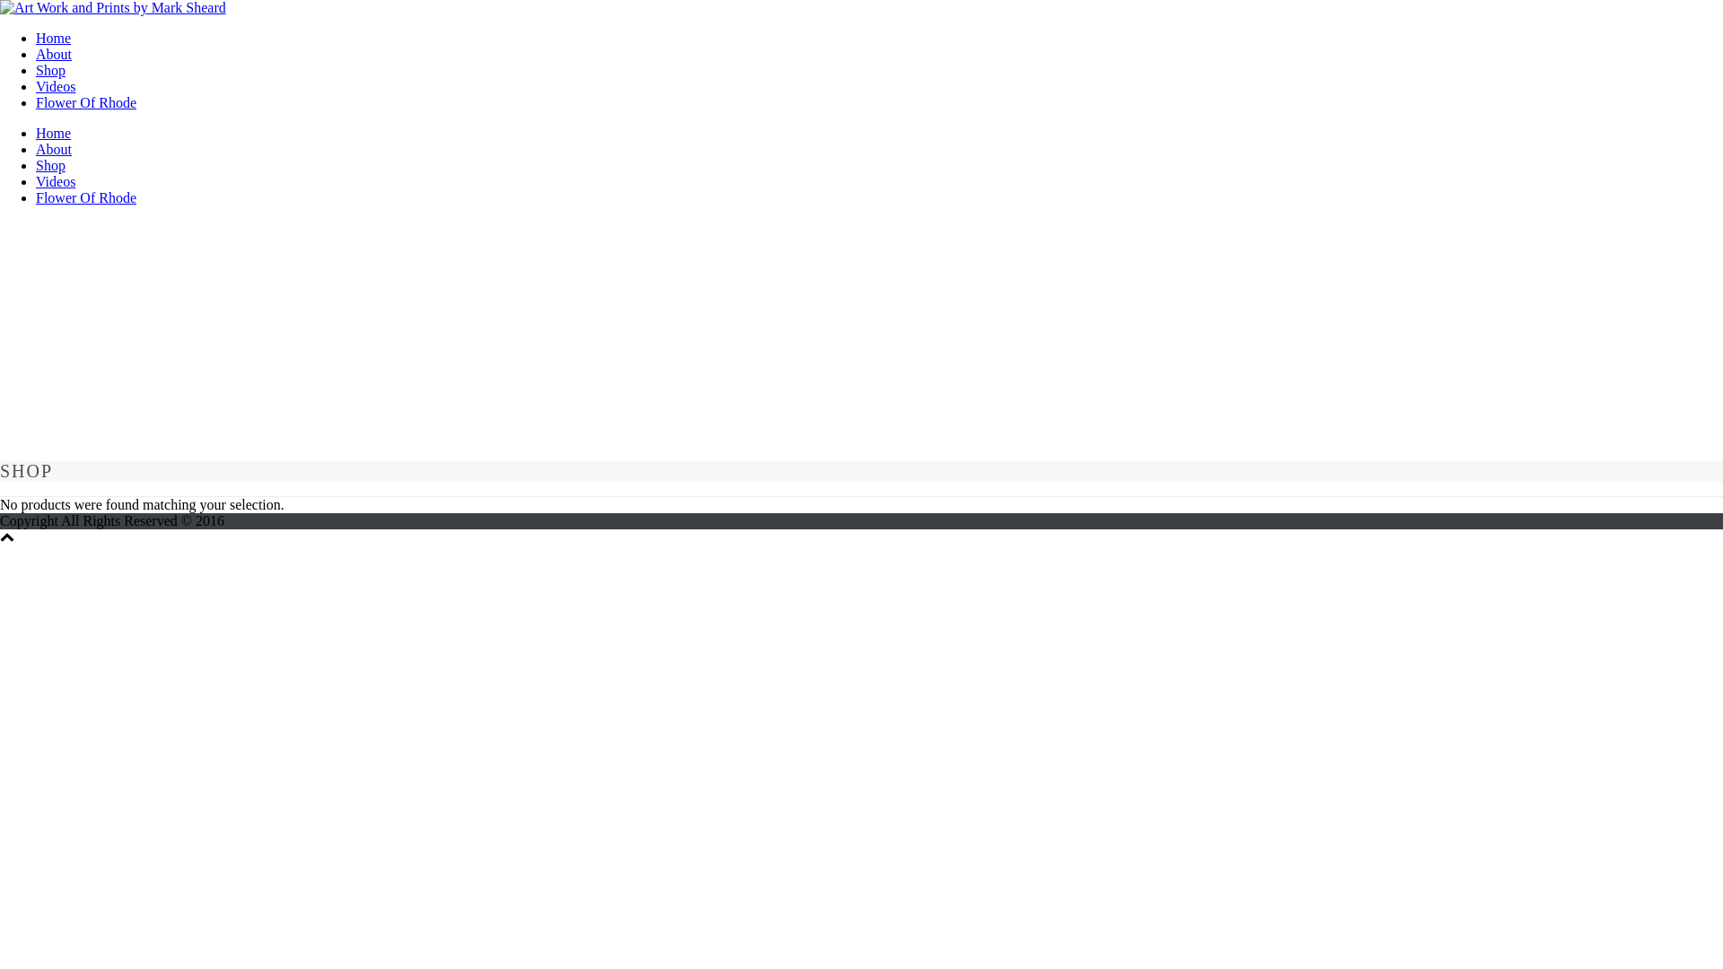 The height and width of the screenshot is (969, 1723). I want to click on 'About', so click(35, 148).